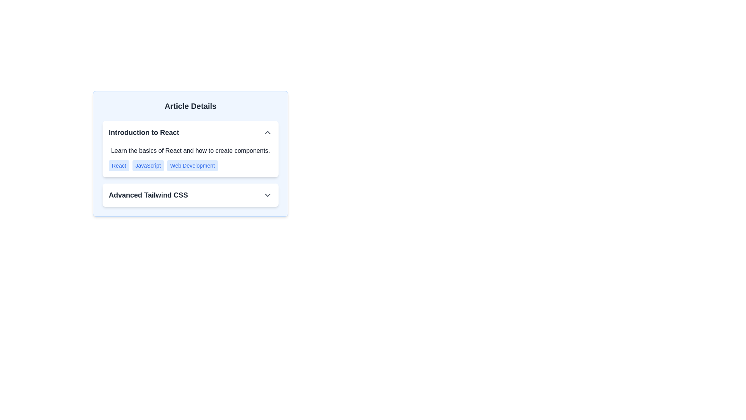  What do you see at coordinates (268, 194) in the screenshot?
I see `the Dropdown indicator or expansion toggle icon (SVG) located at the far right of the 'Advanced Tailwind CSS' header section to interact with the collapsible panel` at bounding box center [268, 194].